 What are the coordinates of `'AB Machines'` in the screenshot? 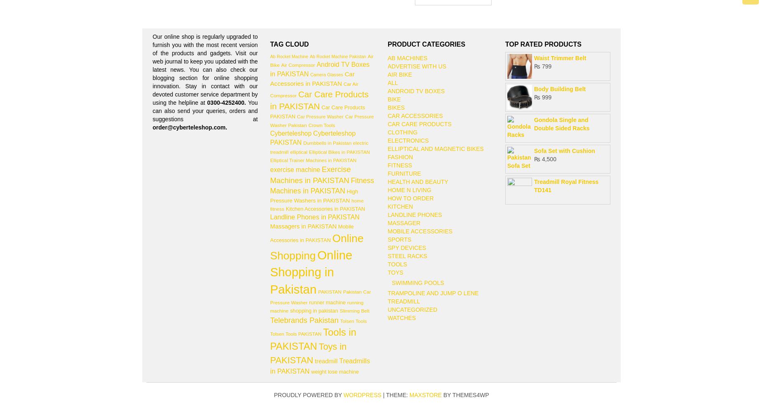 It's located at (407, 58).